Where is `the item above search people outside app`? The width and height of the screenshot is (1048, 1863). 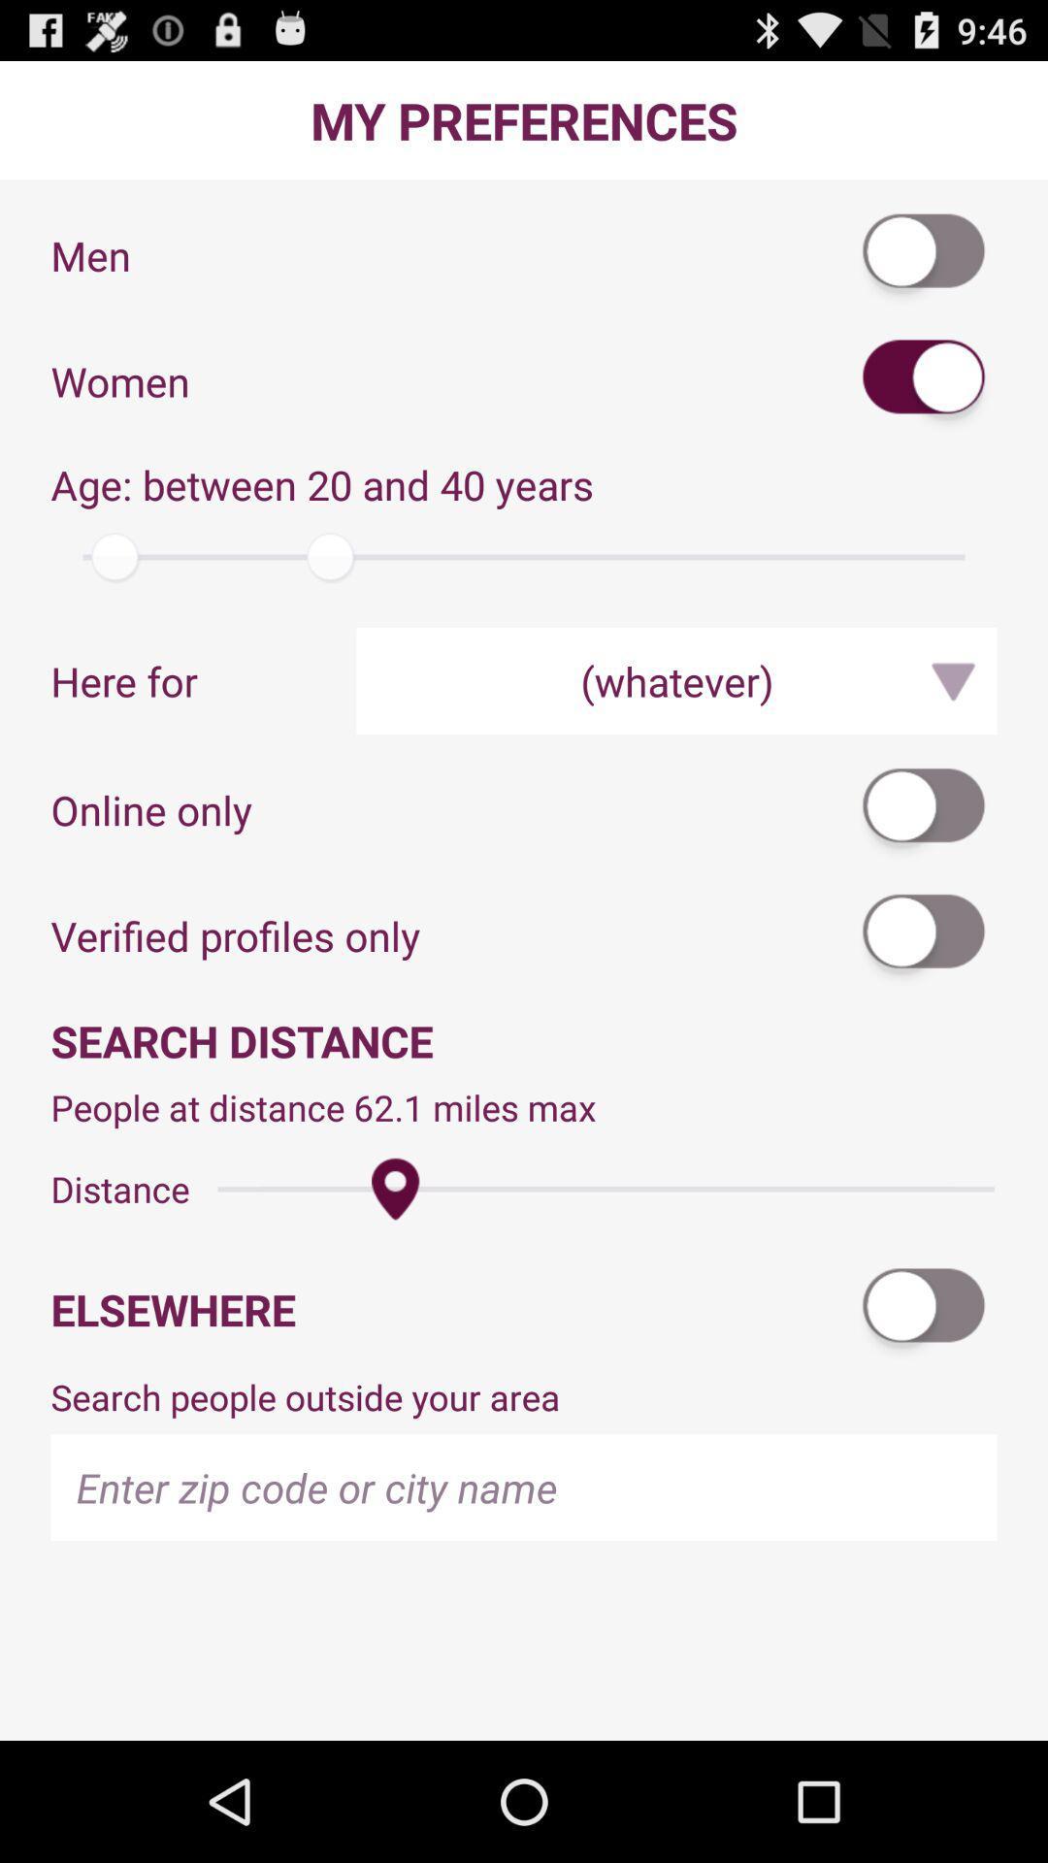 the item above search people outside app is located at coordinates (924, 1309).